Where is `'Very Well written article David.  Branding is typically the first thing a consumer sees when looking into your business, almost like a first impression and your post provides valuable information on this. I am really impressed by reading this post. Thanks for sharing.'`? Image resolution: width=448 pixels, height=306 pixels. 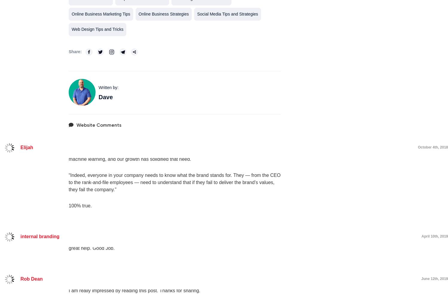 'Very Well written article David.  Branding is typically the first thing a consumer sees when looking into your business, almost like a first impression and your post provides valuable information on this. I am really impressed by reading this post. Thanks for sharing.' is located at coordinates (68, 283).